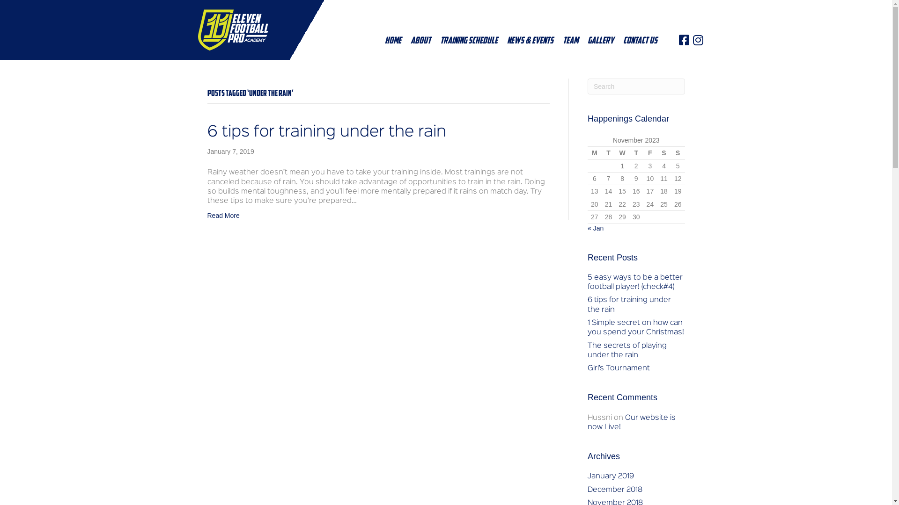 This screenshot has height=505, width=899. I want to click on '5 easy ways to be a better football player! (check#4)', so click(587, 282).